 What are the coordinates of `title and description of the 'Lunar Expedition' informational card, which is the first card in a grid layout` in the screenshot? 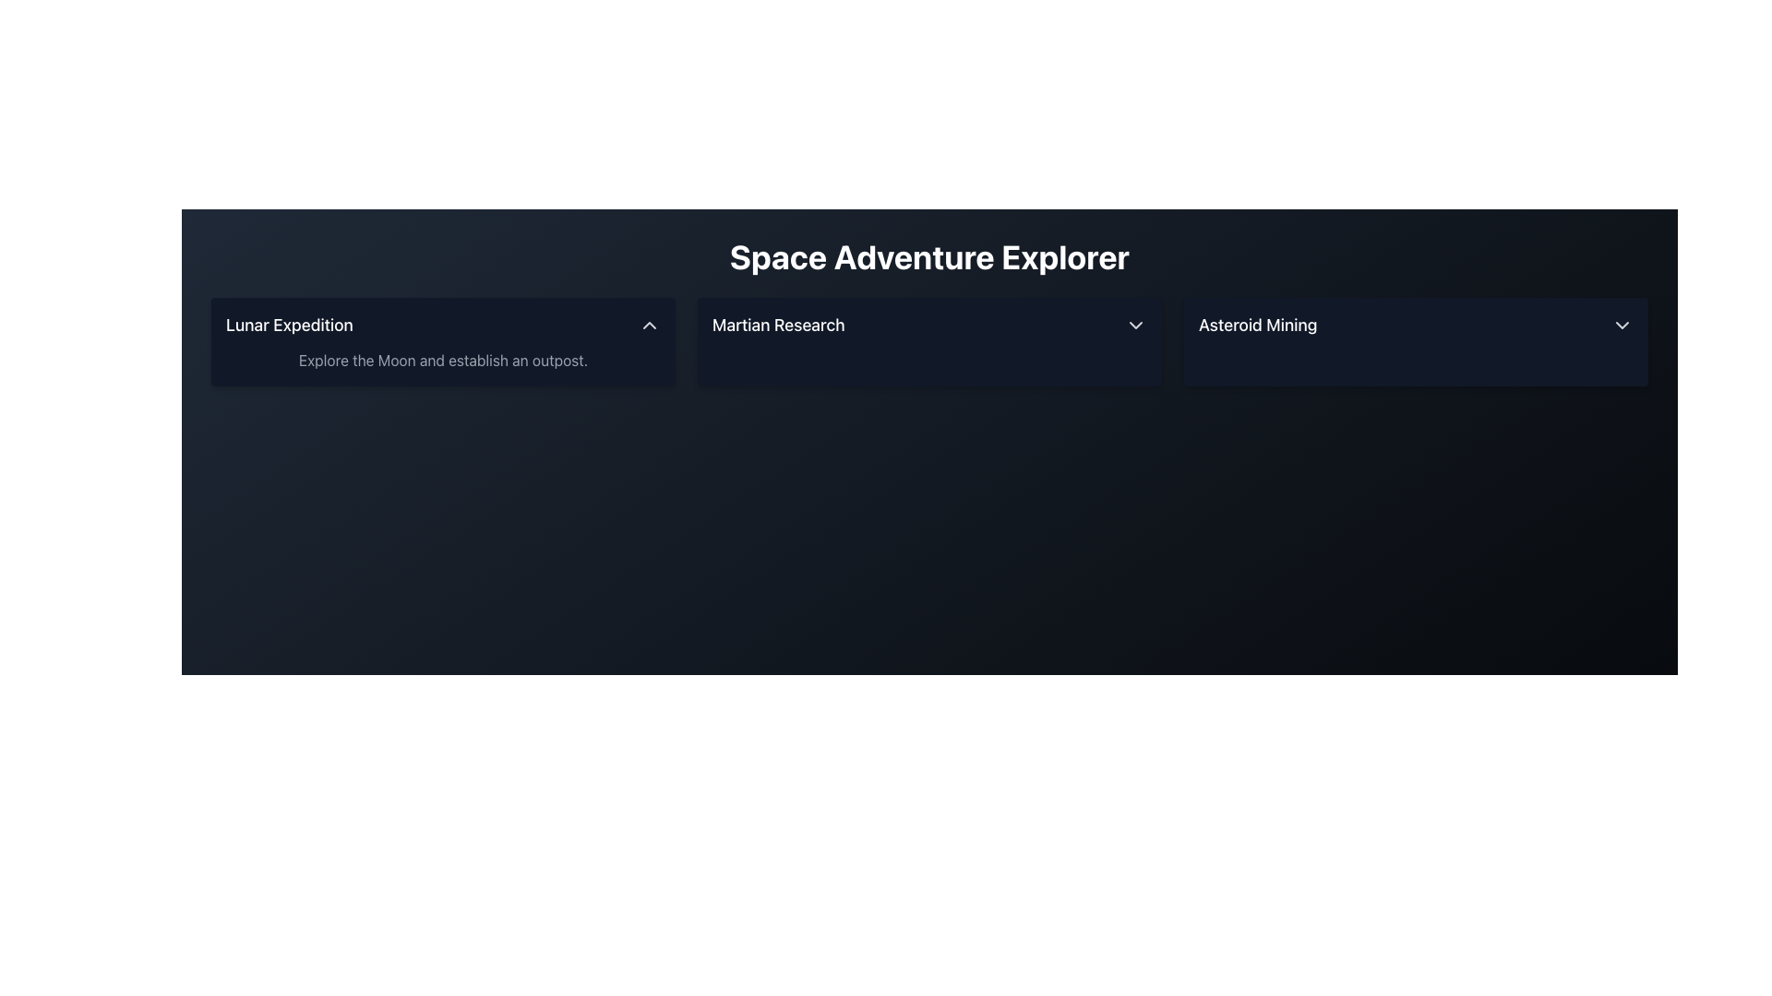 It's located at (443, 341).